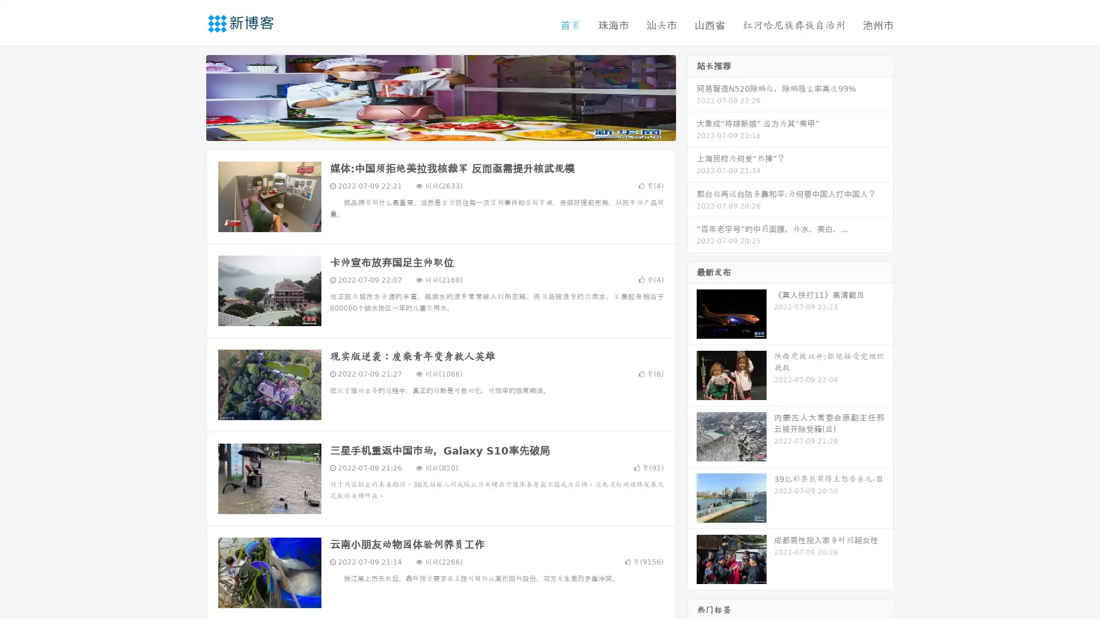 Image resolution: width=1100 pixels, height=619 pixels. What do you see at coordinates (452, 129) in the screenshot?
I see `Go to slide 3` at bounding box center [452, 129].